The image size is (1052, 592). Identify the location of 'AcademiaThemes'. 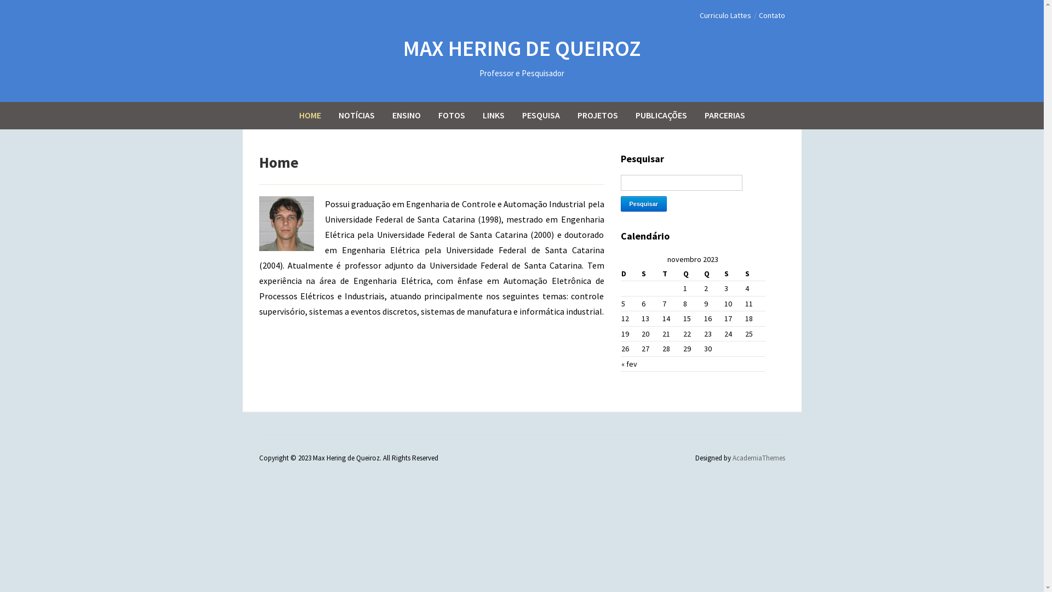
(757, 458).